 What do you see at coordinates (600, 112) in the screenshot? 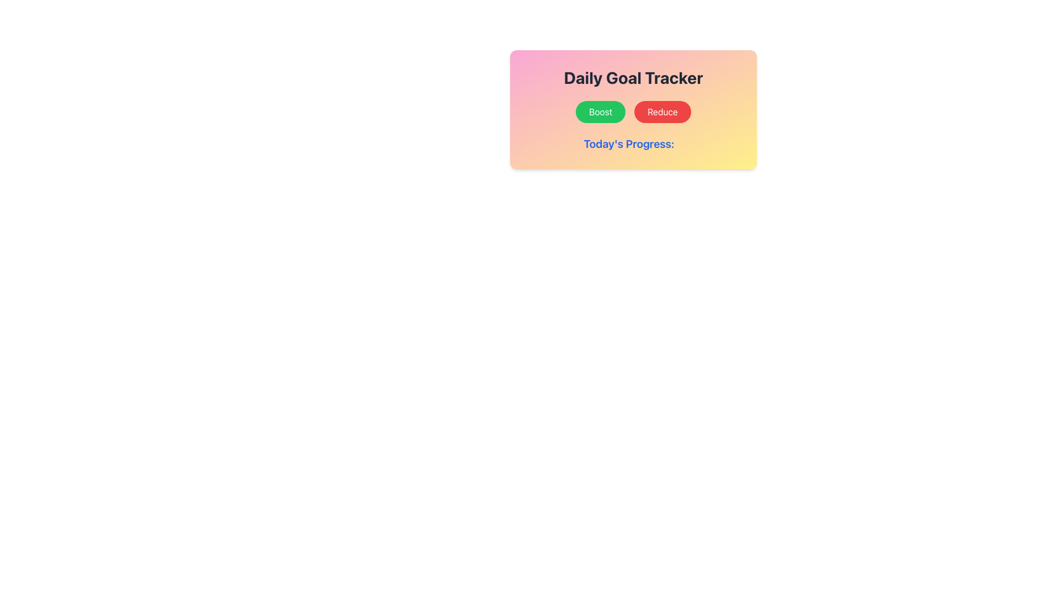
I see `the interactive button designed to increase or boost a value, located under 'Daily Goal Tracker' and above 'Today's Progress:'` at bounding box center [600, 112].